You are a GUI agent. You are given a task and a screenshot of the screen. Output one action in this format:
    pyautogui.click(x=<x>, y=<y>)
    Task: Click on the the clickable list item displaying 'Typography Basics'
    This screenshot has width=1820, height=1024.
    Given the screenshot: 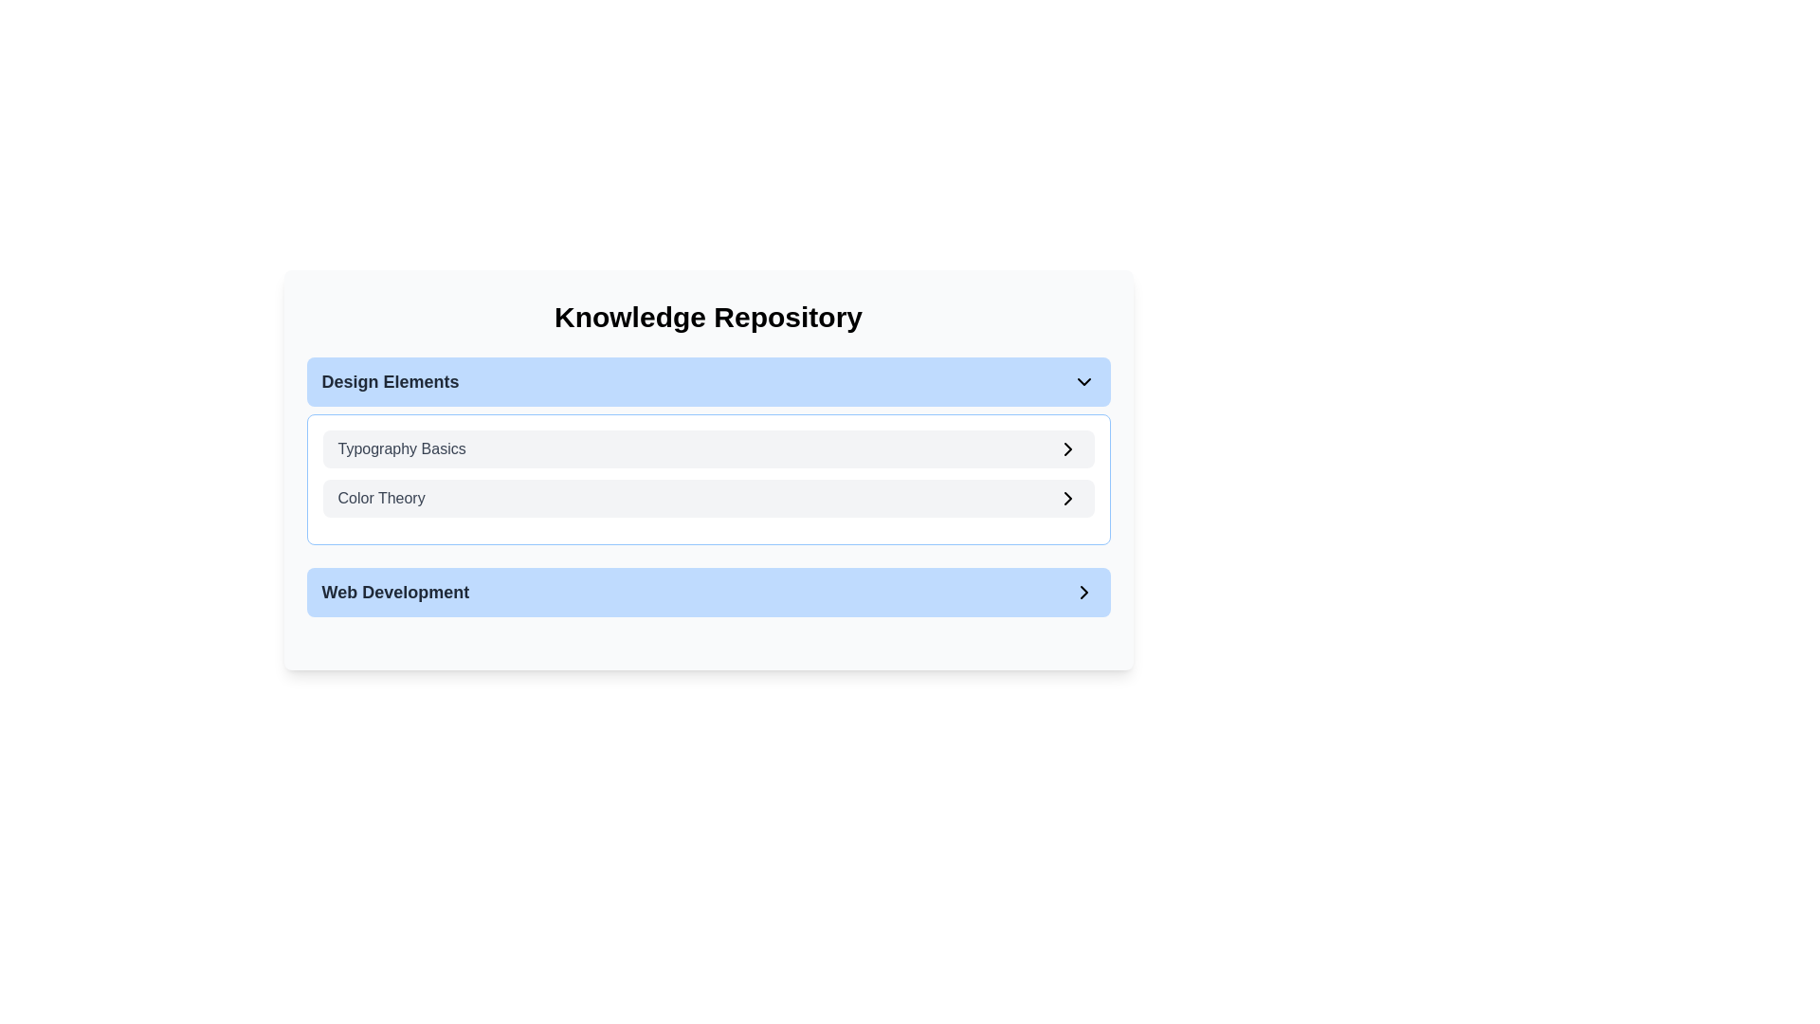 What is the action you would take?
    pyautogui.click(x=707, y=449)
    